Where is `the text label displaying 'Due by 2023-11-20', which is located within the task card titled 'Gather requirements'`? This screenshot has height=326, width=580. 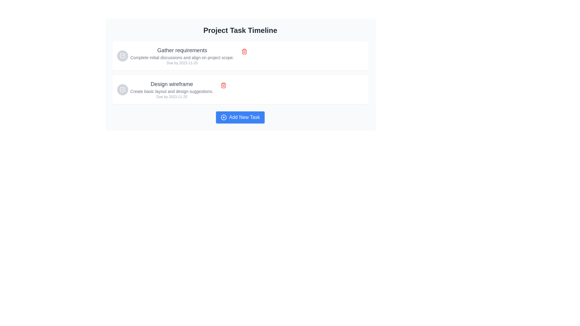
the text label displaying 'Due by 2023-11-20', which is located within the task card titled 'Gather requirements' is located at coordinates (182, 63).